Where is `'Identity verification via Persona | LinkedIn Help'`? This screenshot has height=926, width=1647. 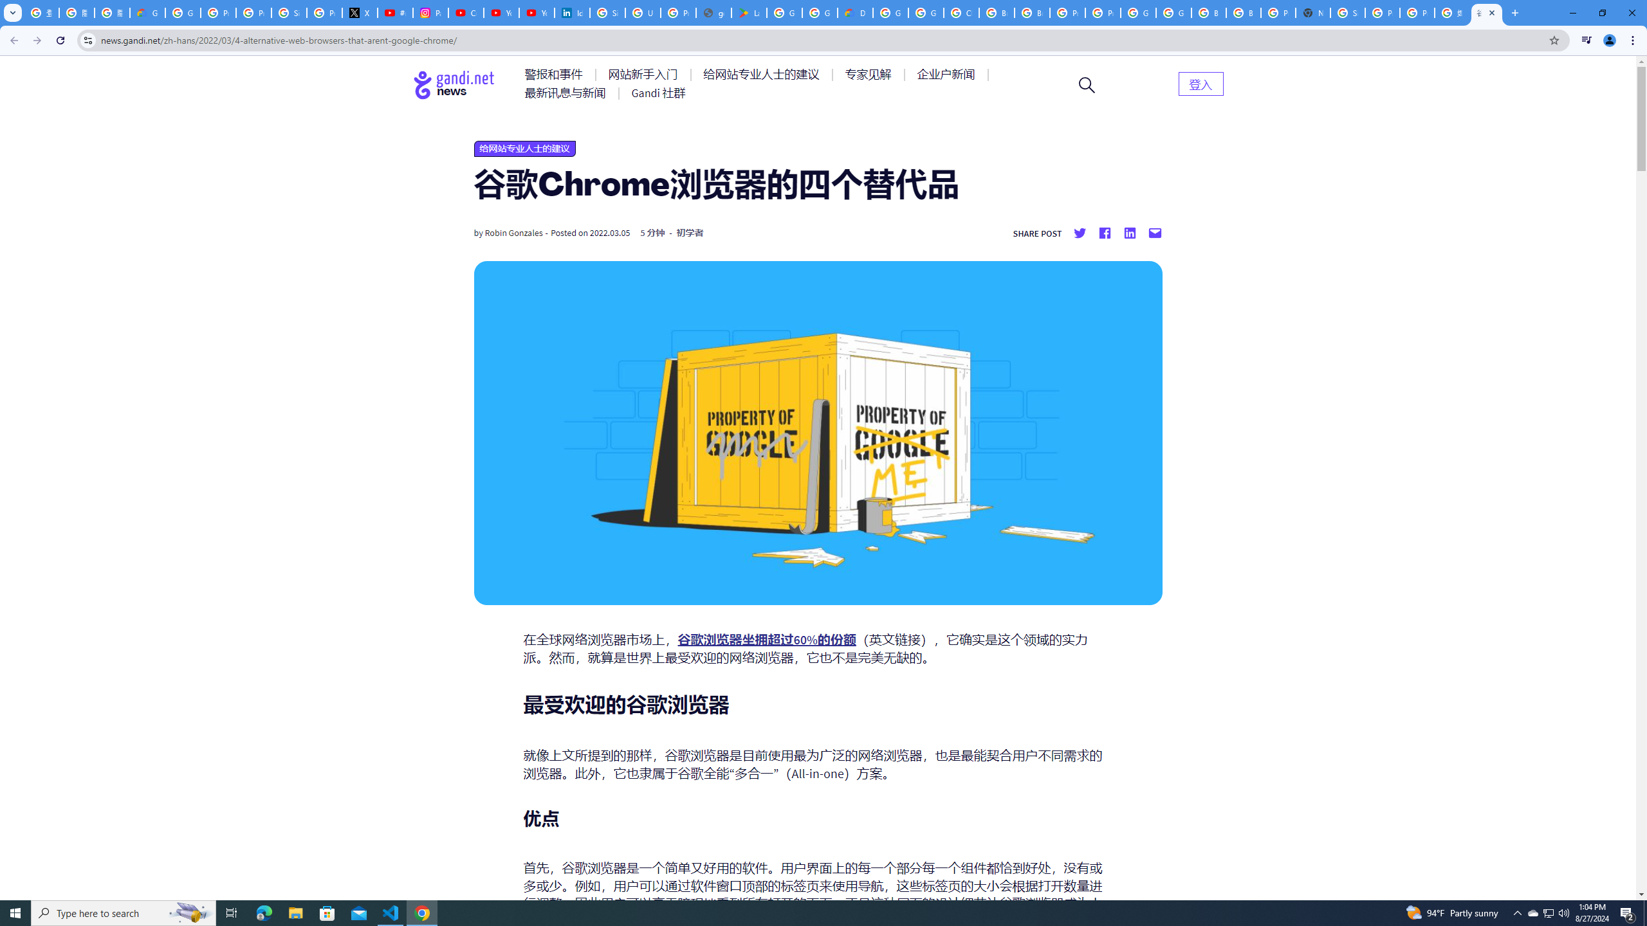
'Identity verification via Persona | LinkedIn Help' is located at coordinates (571, 12).